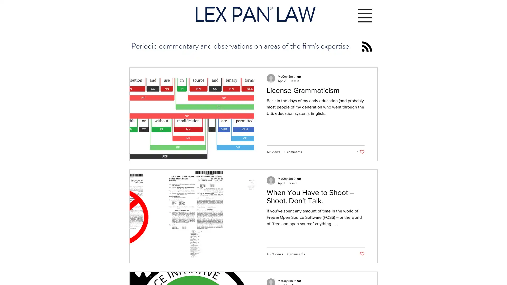 The width and height of the screenshot is (507, 285). I want to click on 1 like. Post not marked as liked, so click(361, 152).